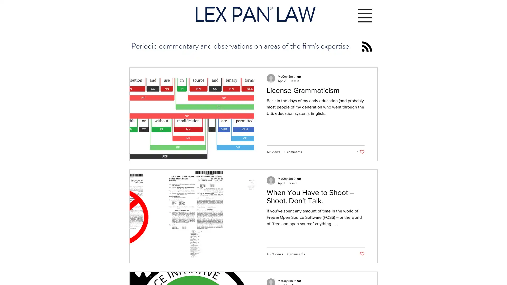 The width and height of the screenshot is (507, 285). I want to click on 1 like. Post not marked as liked, so click(361, 152).